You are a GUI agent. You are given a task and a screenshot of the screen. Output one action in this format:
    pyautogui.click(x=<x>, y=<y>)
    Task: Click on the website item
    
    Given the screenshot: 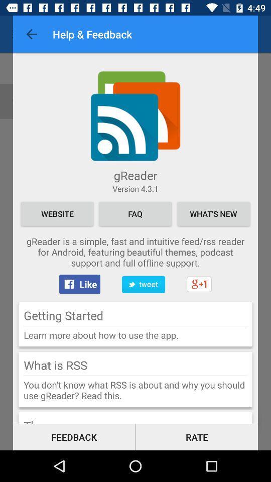 What is the action you would take?
    pyautogui.click(x=57, y=213)
    